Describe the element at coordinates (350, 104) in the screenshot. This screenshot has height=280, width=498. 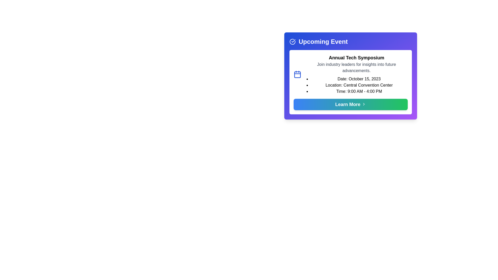
I see `'Learn More' button to navigate to more event details` at that location.